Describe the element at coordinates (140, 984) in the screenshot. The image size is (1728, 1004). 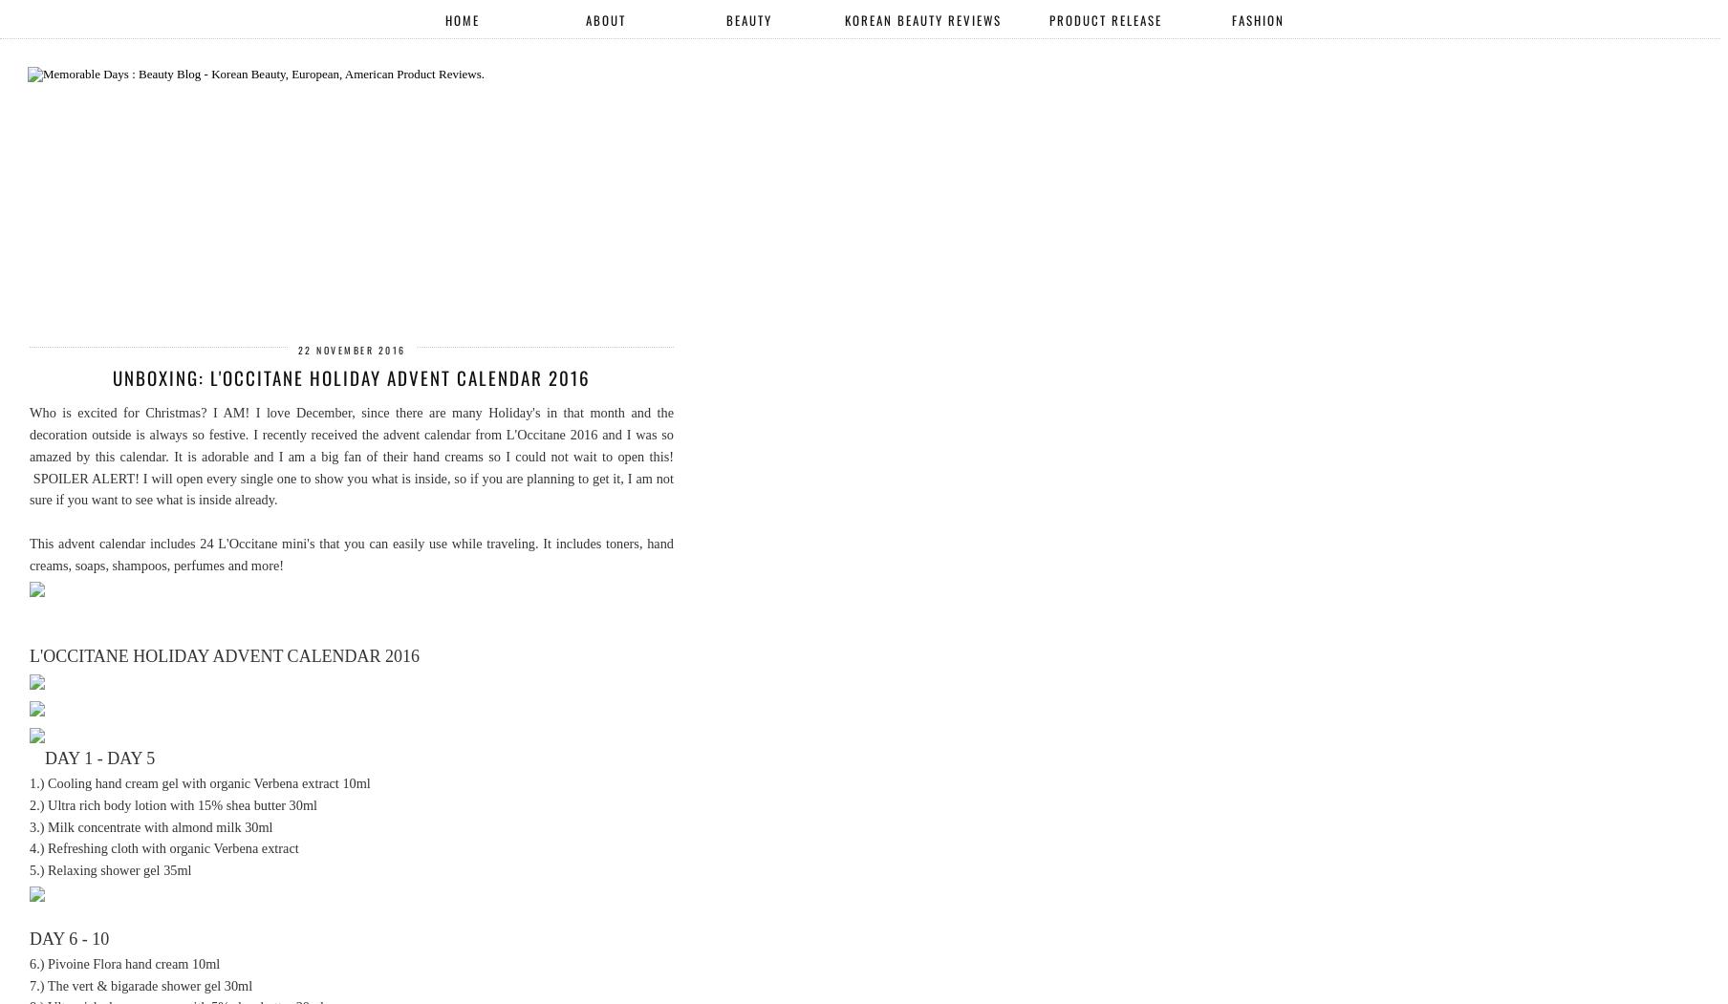
I see `'7.) The vert & bigarade shower gel 30ml'` at that location.